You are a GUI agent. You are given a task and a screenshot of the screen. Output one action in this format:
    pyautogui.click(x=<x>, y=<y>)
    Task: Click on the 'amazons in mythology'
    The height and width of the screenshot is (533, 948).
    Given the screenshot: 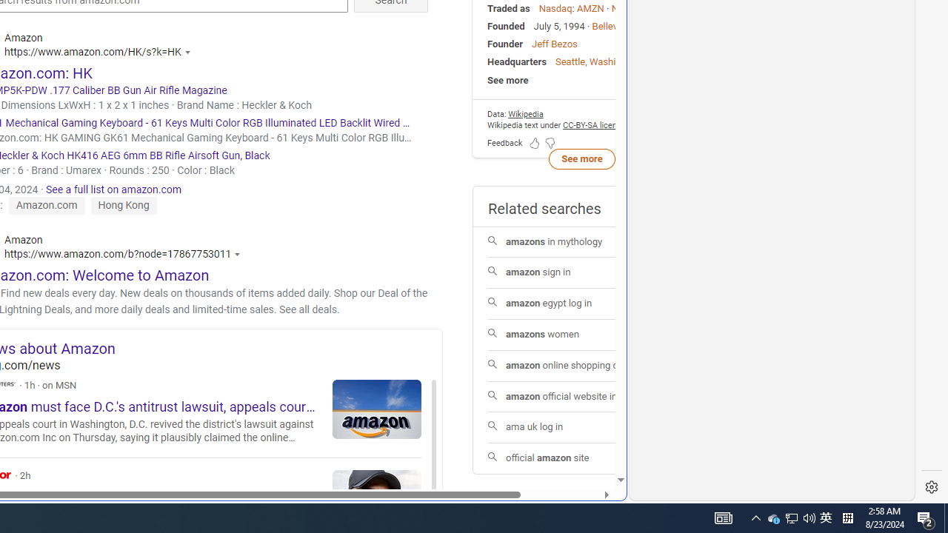 What is the action you would take?
    pyautogui.click(x=581, y=241)
    